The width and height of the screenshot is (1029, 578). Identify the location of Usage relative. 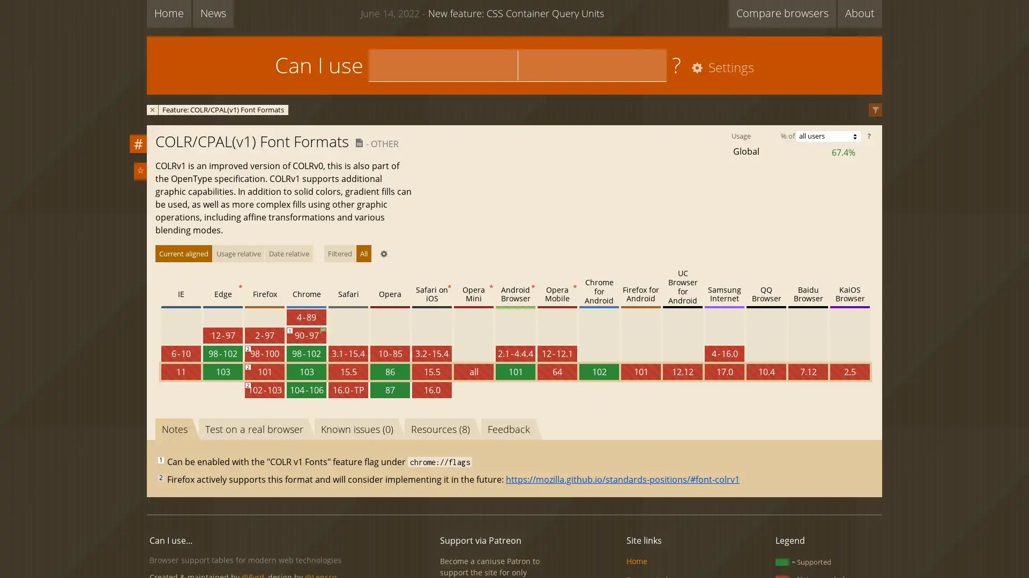
(238, 254).